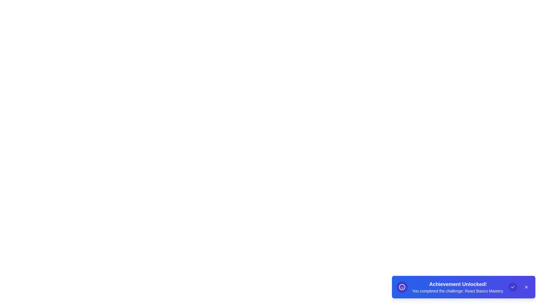 The height and width of the screenshot is (304, 541). What do you see at coordinates (513, 287) in the screenshot?
I see `the 'Check' icon button to dismiss the snackbar` at bounding box center [513, 287].